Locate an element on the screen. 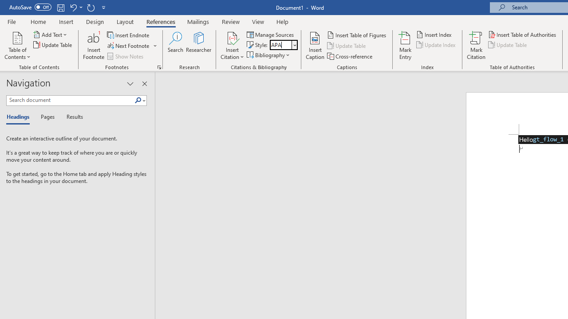 This screenshot has height=319, width=568. 'Insert' is located at coordinates (66, 21).